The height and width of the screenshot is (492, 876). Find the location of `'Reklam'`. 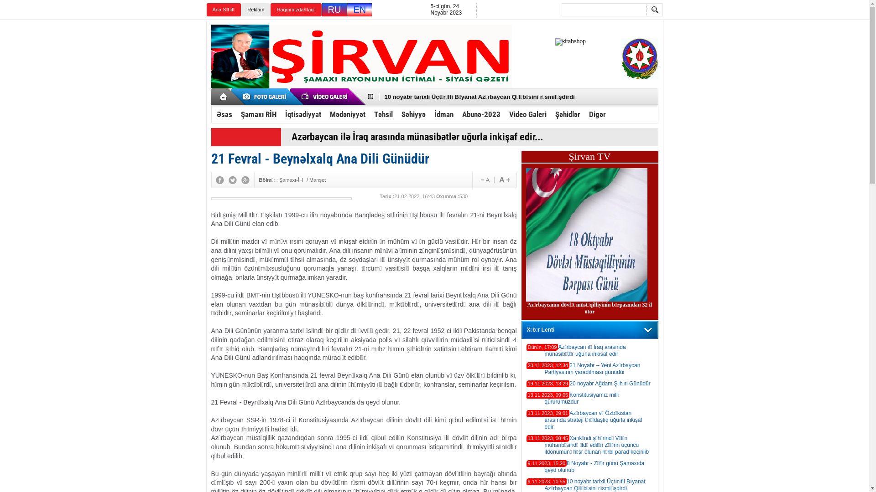

'Reklam' is located at coordinates (255, 10).